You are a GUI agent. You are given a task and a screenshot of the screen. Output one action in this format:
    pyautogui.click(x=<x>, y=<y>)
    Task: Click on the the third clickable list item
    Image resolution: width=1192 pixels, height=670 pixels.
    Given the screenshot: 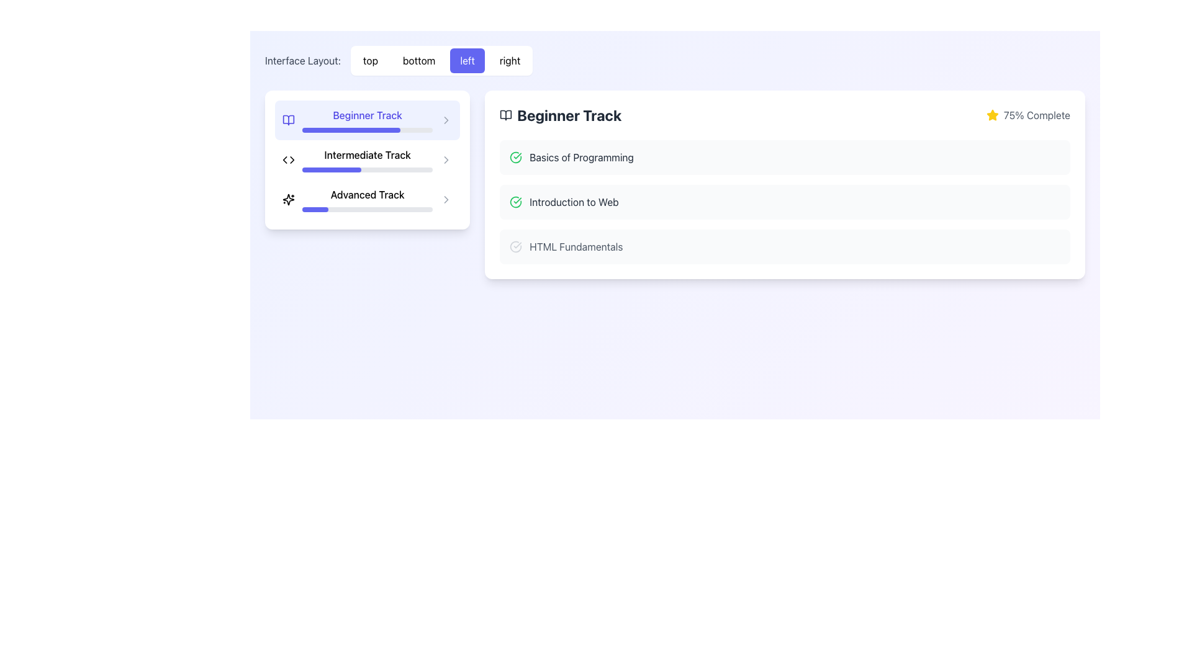 What is the action you would take?
    pyautogui.click(x=784, y=246)
    